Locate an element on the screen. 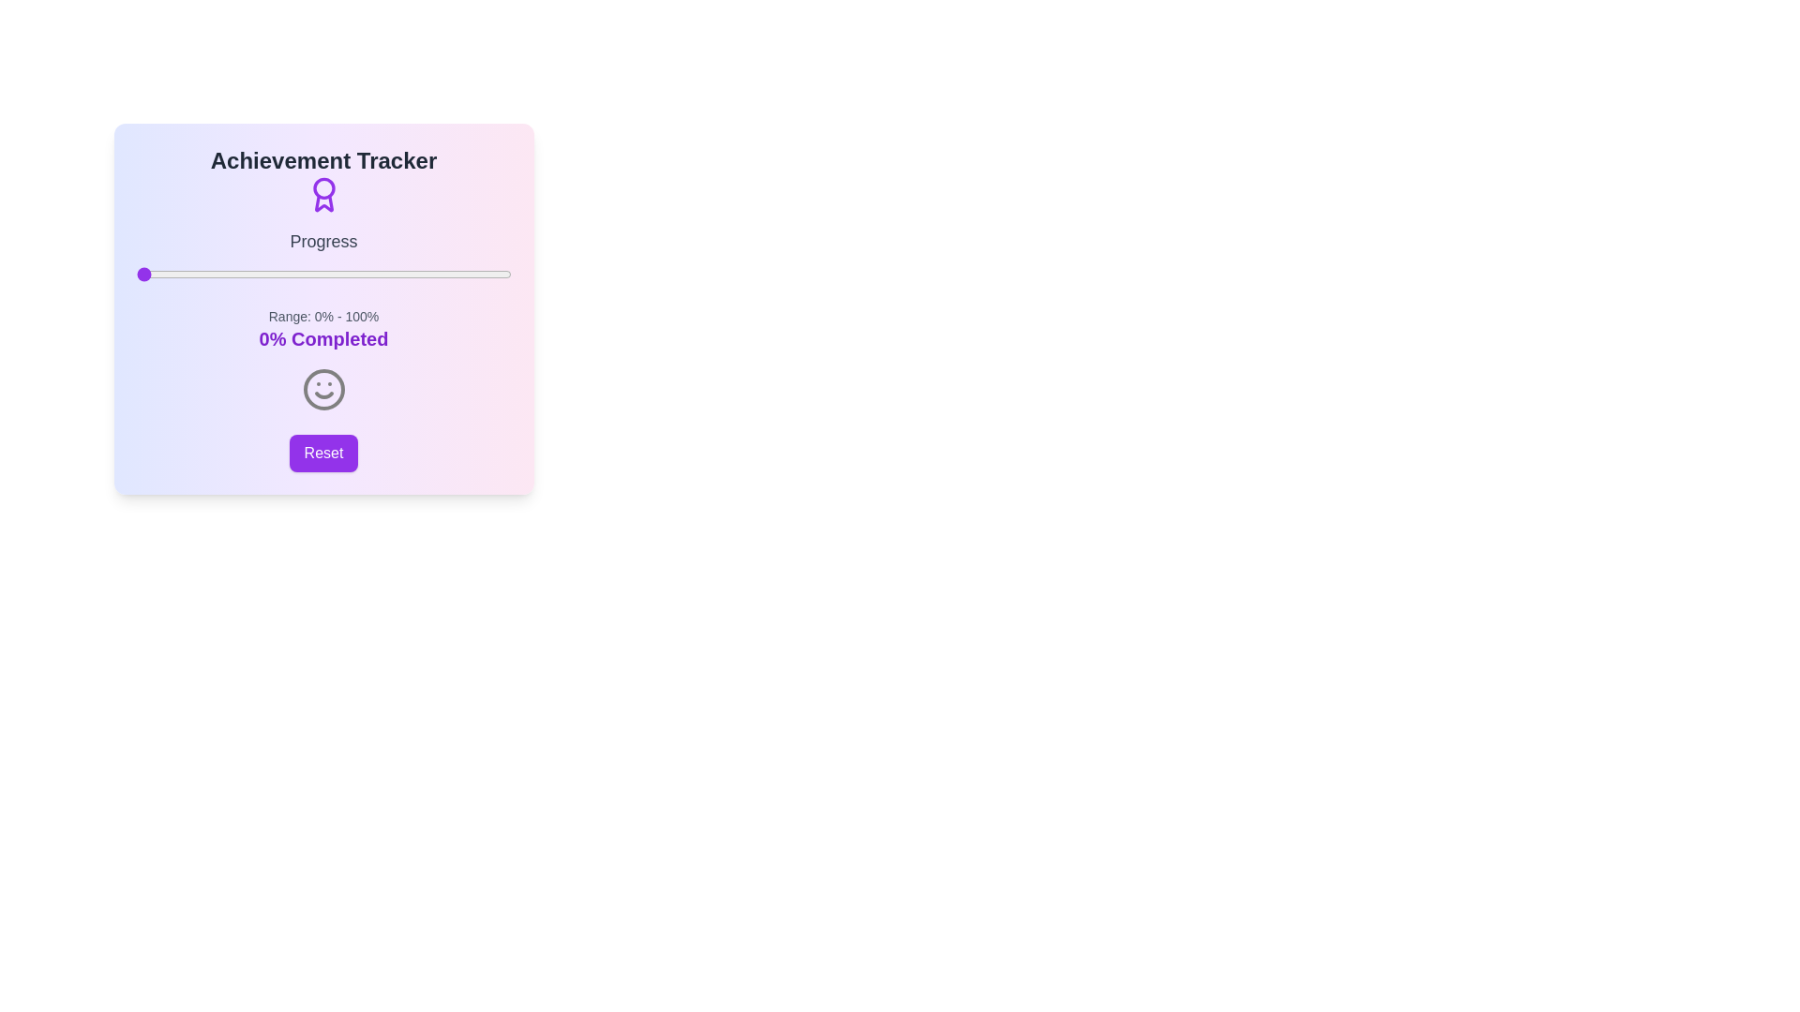  the progress slider to 24% is located at coordinates (225, 275).